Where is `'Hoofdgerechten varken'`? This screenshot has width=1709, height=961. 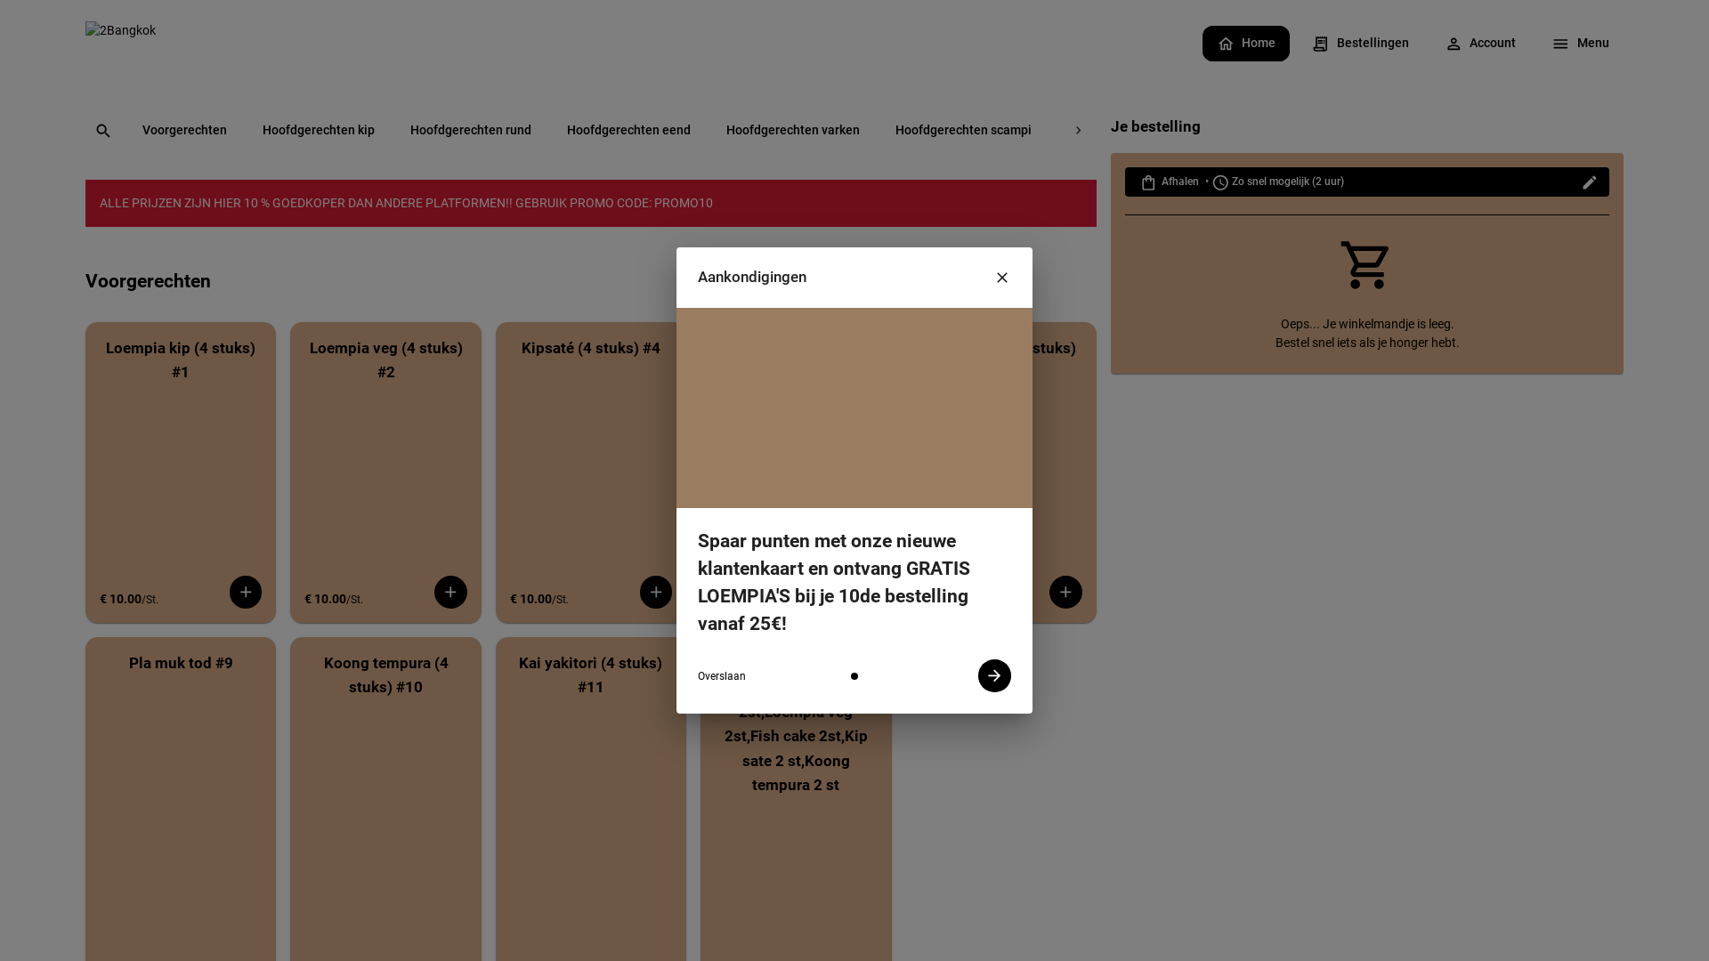 'Hoofdgerechten varken' is located at coordinates (792, 130).